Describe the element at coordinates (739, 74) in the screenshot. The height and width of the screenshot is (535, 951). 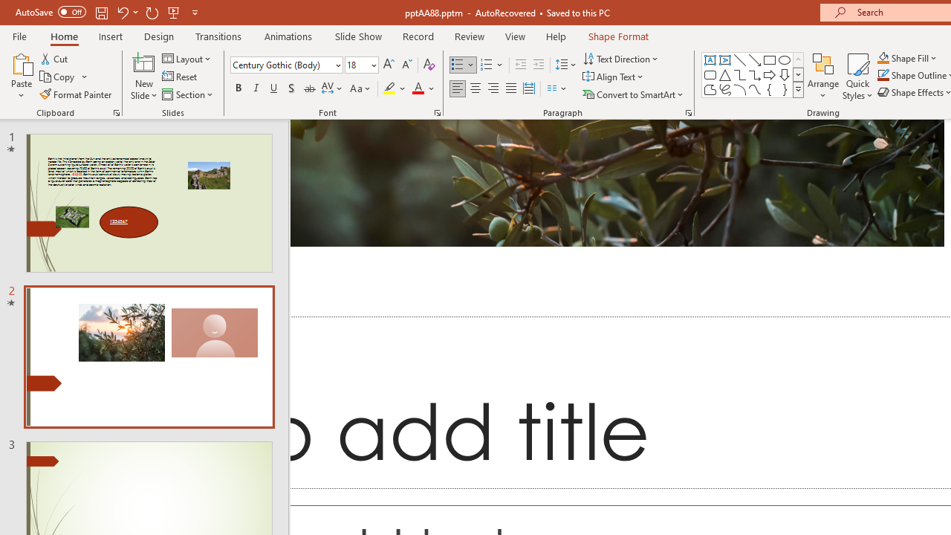
I see `'Connector: Elbow'` at that location.